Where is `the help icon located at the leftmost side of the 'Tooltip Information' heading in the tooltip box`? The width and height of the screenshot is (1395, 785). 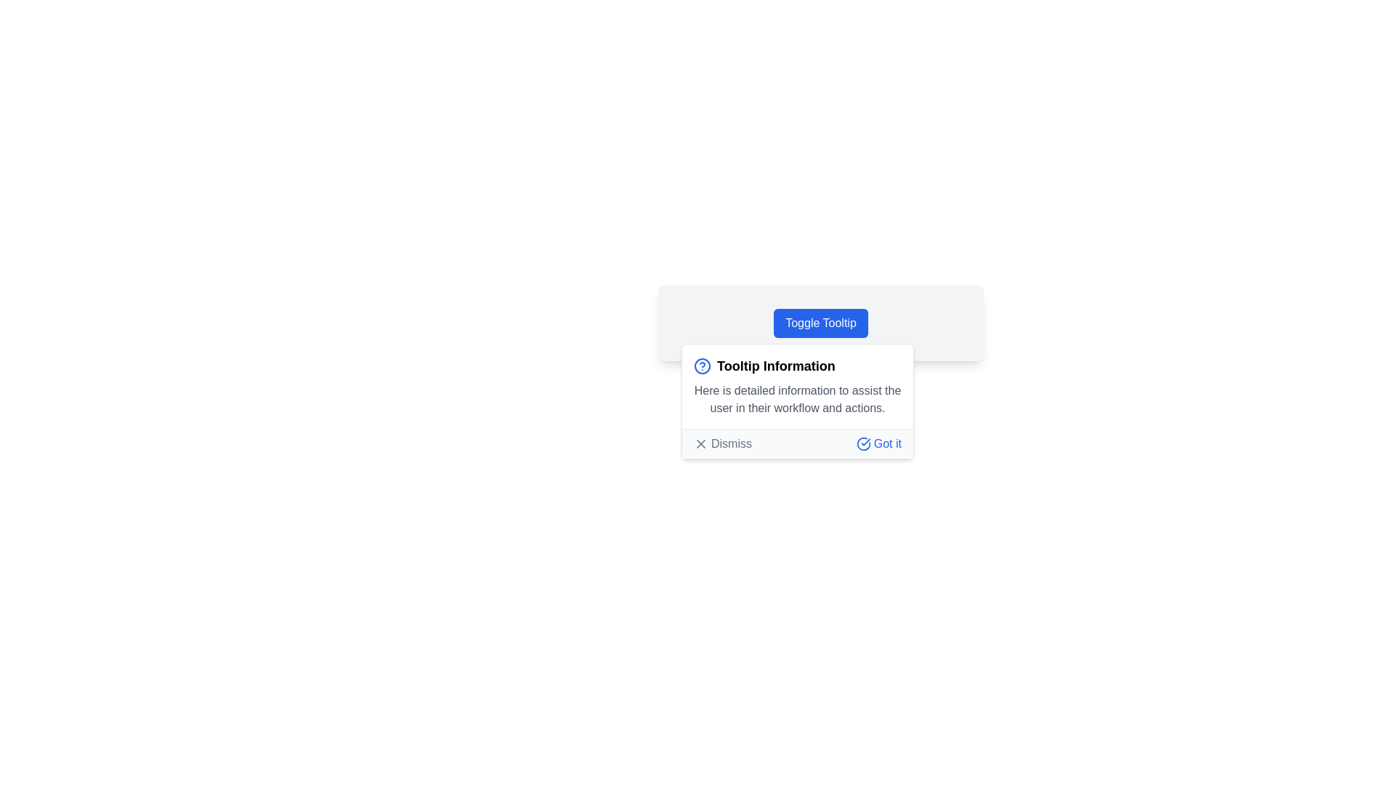 the help icon located at the leftmost side of the 'Tooltip Information' heading in the tooltip box is located at coordinates (702, 366).